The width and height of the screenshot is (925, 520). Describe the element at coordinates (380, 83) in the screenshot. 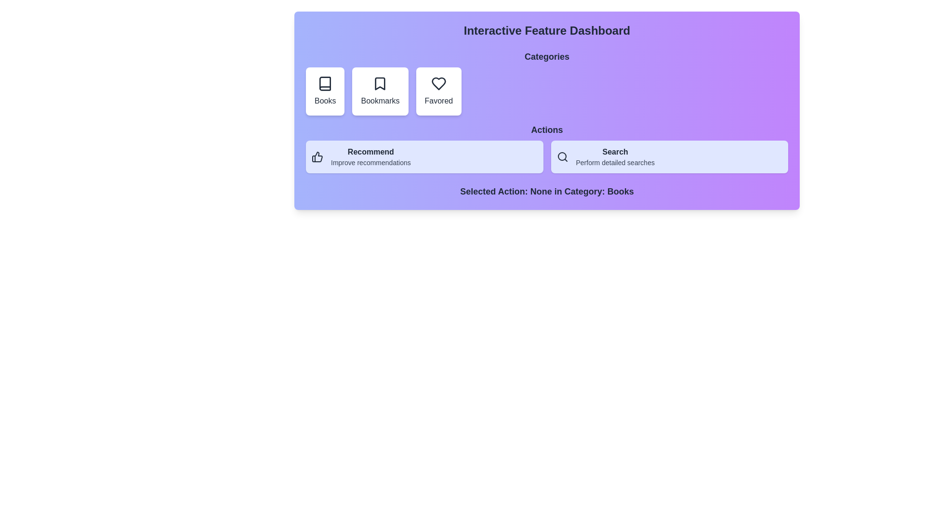

I see `the 'Bookmarks' icon located in the 'Categories' section` at that location.